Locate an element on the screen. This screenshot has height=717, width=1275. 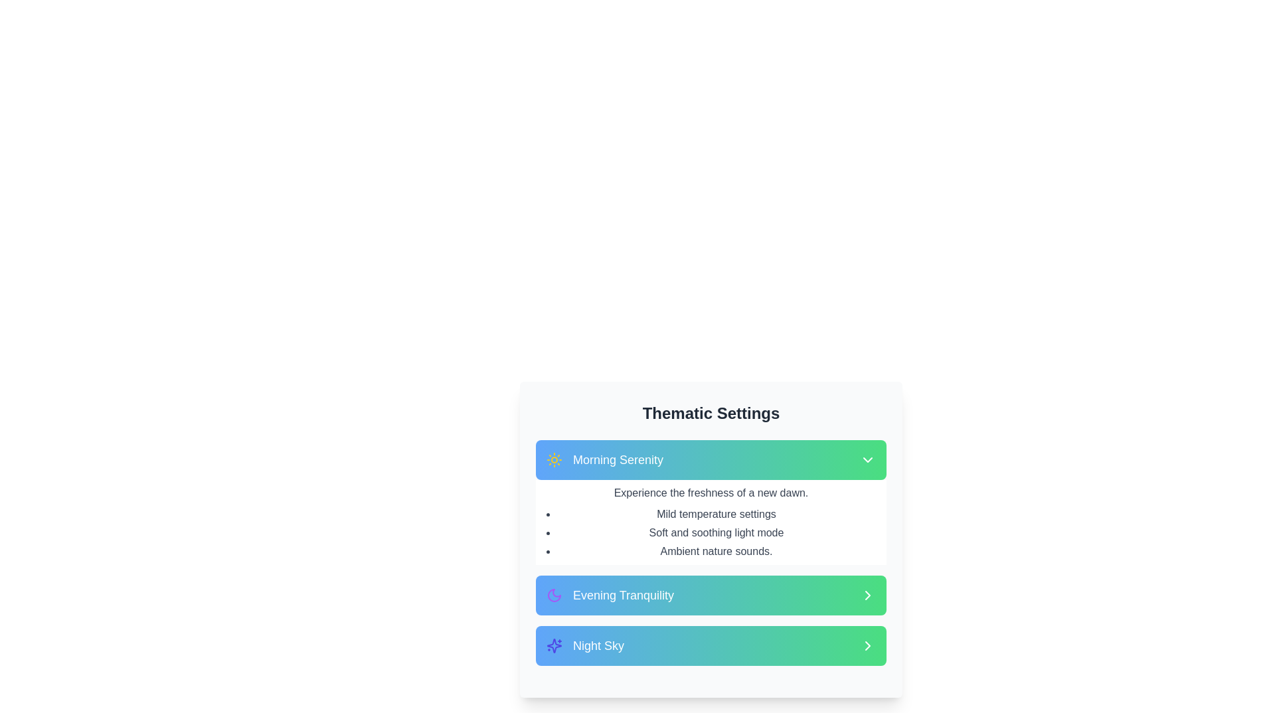
on the 'Morning Serenity' theme selector, which features a sun icon and white text over a gradient background, located in the first position of a horizontal layout is located at coordinates (604, 459).